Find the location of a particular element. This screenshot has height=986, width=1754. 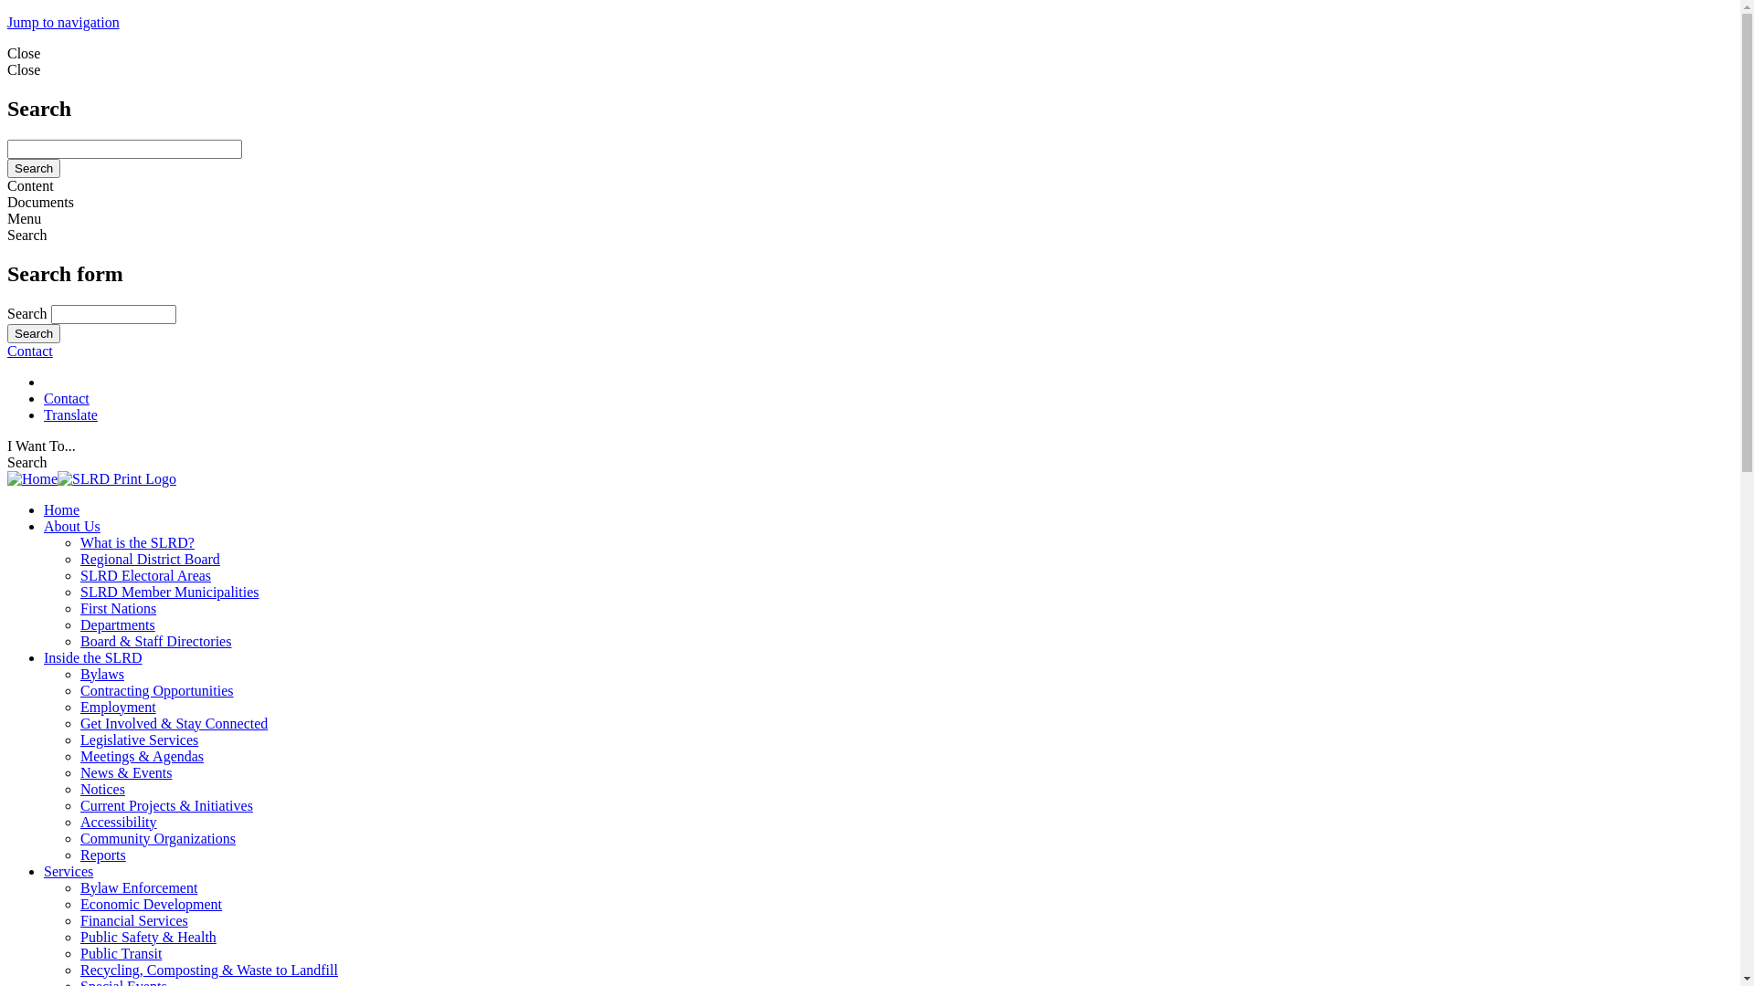

'Get Involved & Stay Connected' is located at coordinates (174, 722).